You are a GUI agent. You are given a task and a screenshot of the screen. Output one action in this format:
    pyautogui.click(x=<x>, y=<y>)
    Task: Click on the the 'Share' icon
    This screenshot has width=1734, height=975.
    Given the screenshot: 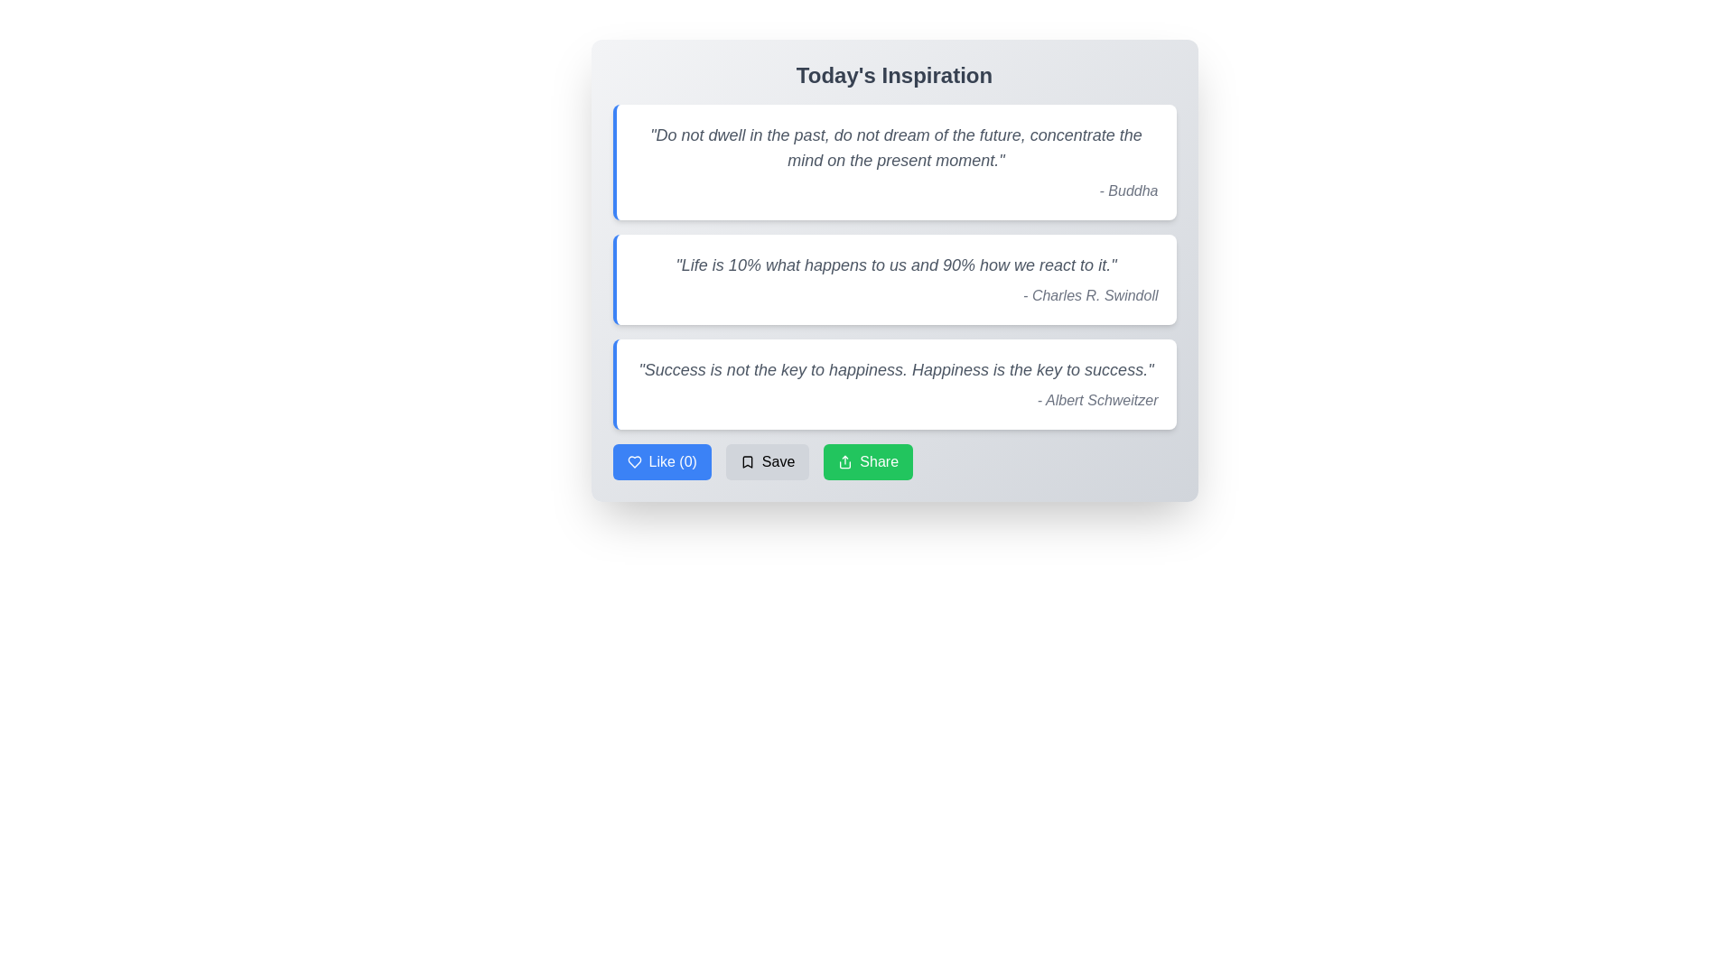 What is the action you would take?
    pyautogui.click(x=844, y=461)
    